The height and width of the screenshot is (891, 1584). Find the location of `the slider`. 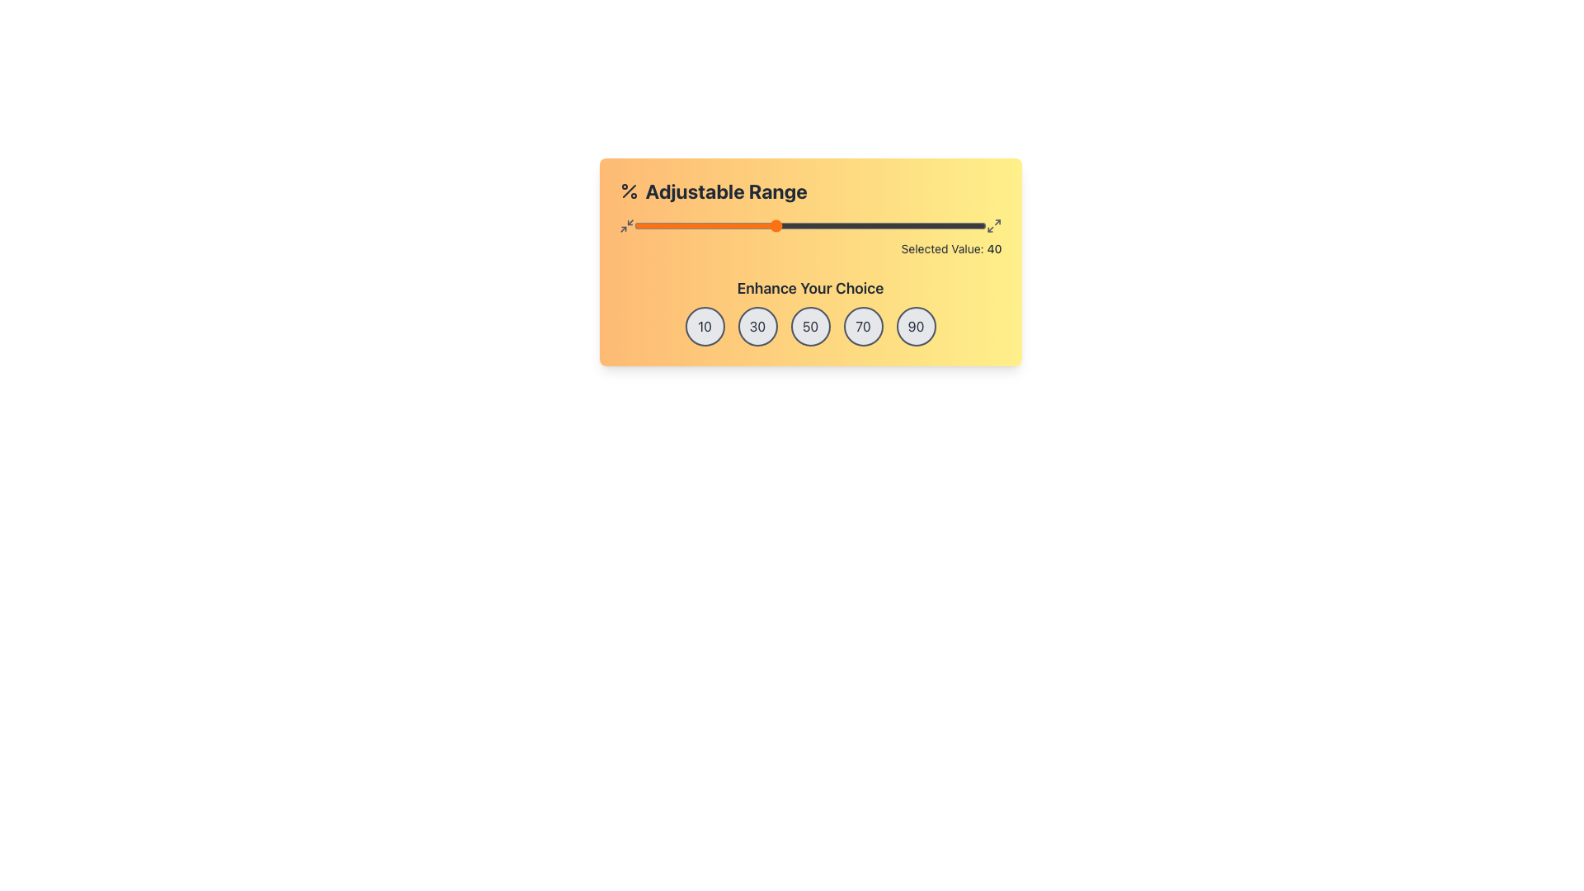

the slider is located at coordinates (774, 225).